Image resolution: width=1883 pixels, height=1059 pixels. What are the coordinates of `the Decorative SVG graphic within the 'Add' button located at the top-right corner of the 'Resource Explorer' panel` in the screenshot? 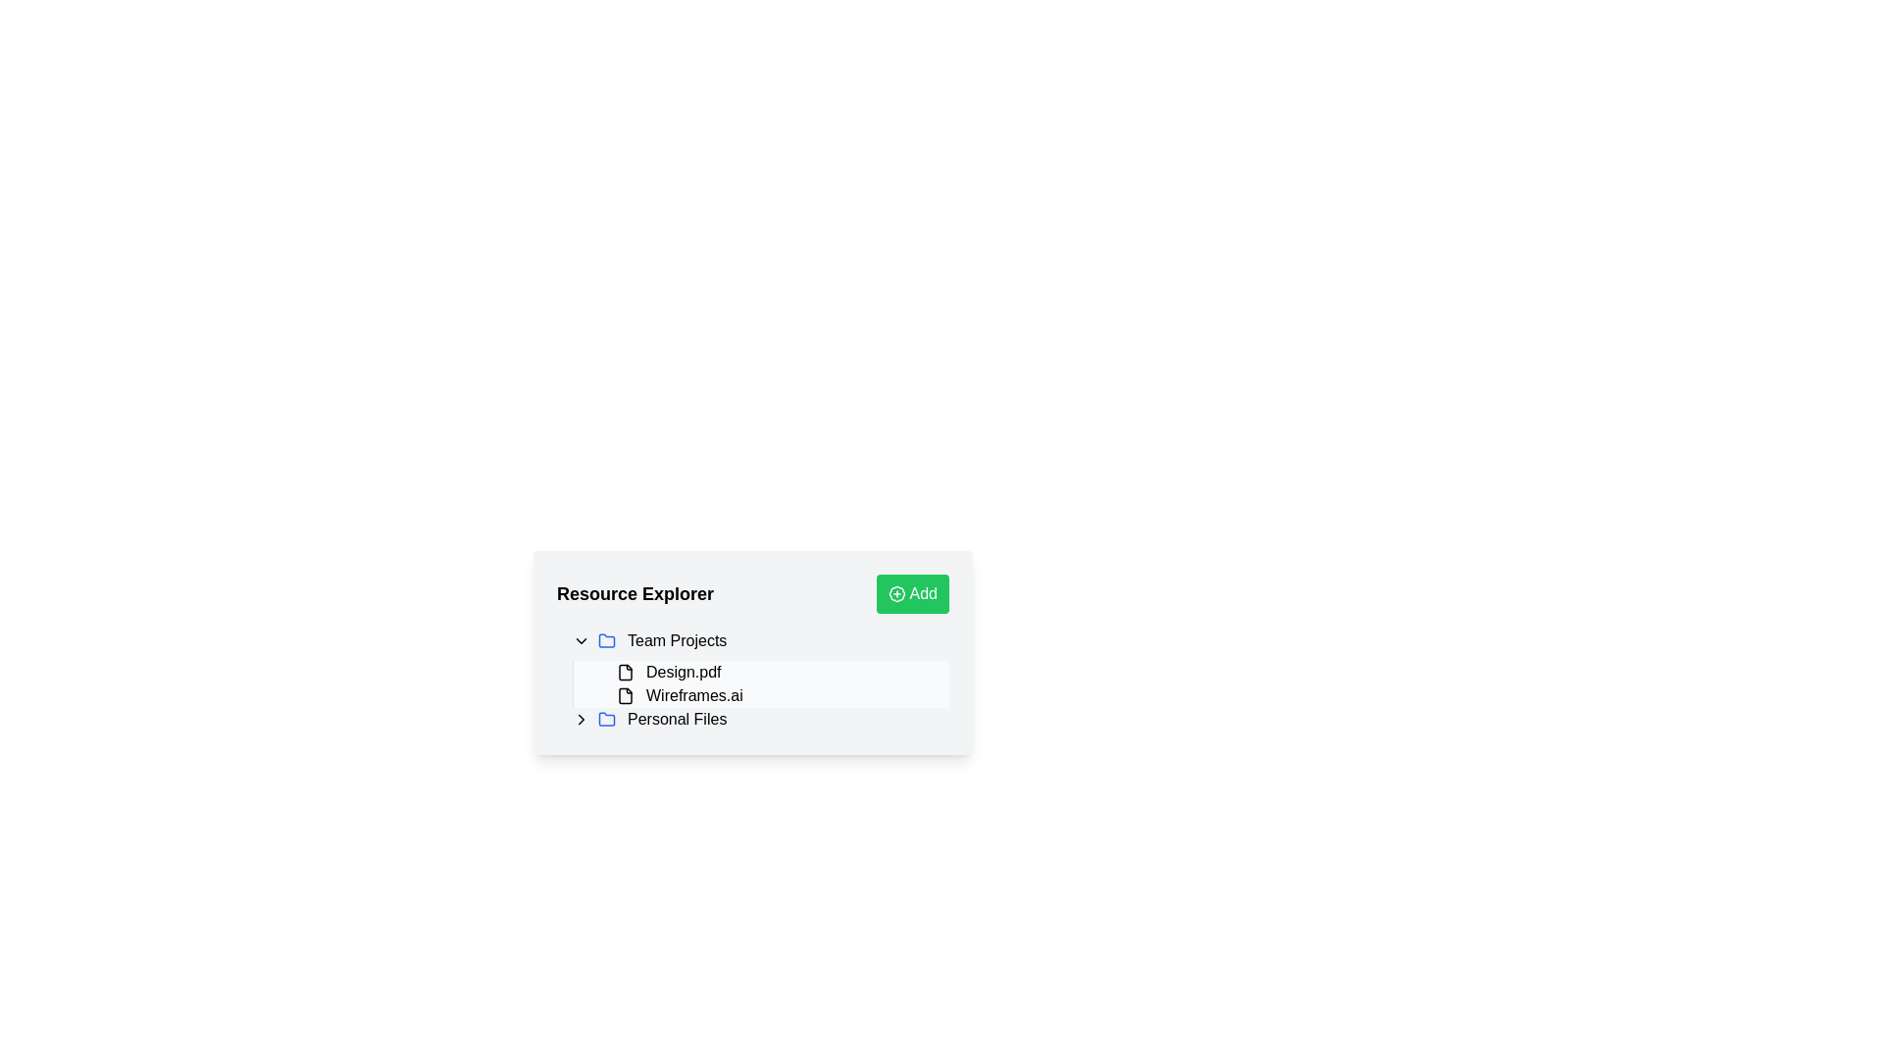 It's located at (895, 592).